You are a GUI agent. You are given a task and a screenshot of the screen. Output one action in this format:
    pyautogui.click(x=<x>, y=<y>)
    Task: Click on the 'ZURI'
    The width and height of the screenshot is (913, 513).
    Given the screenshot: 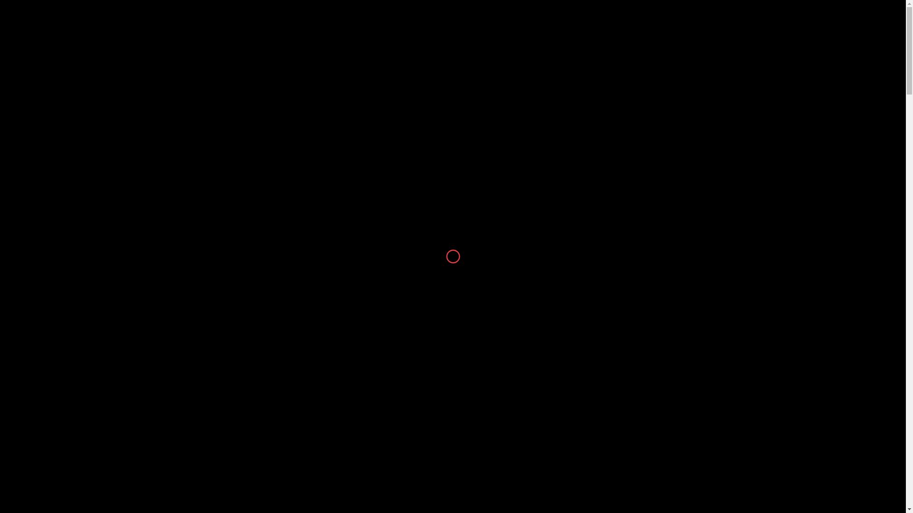 What is the action you would take?
    pyautogui.click(x=259, y=32)
    